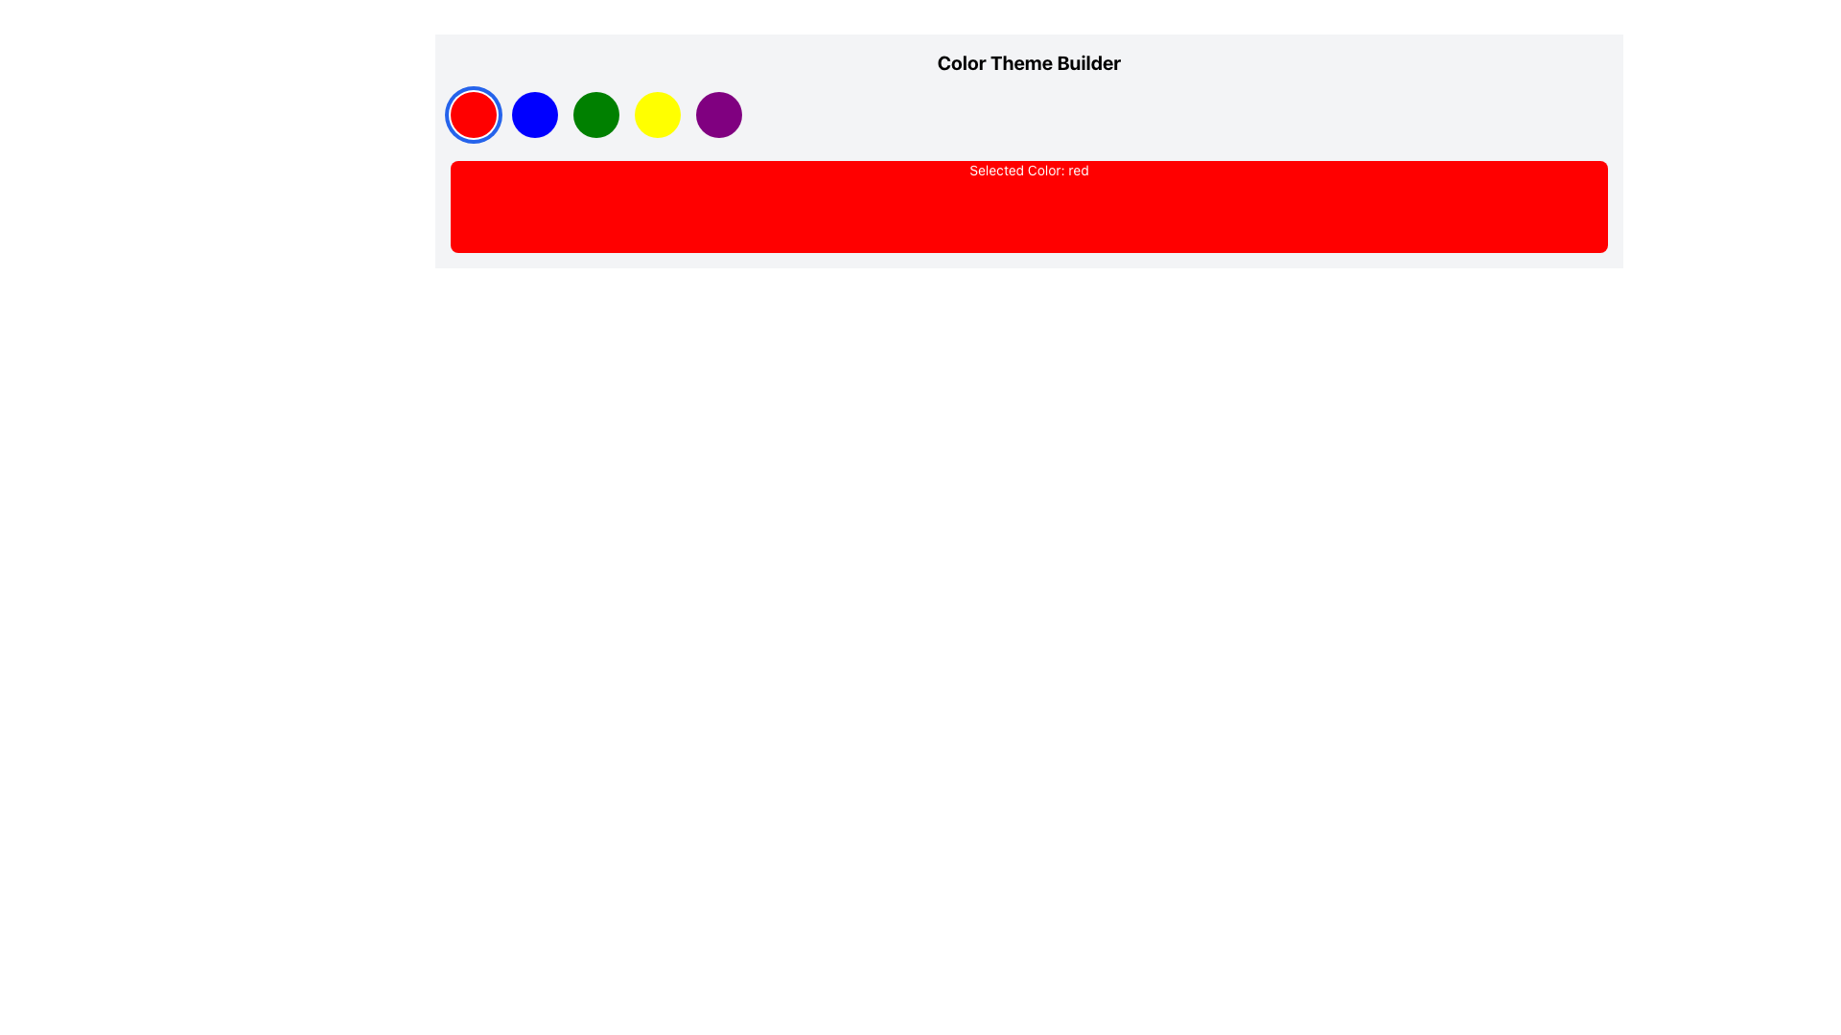  Describe the element at coordinates (658, 114) in the screenshot. I see `the circular yellow button, which is the fourth button in a sequence of five, positioned between the green and purple buttons` at that location.